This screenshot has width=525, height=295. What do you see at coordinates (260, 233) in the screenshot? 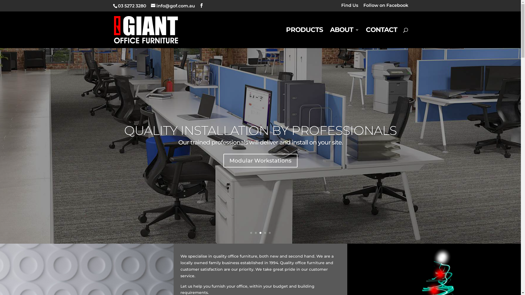
I see `'3'` at bounding box center [260, 233].